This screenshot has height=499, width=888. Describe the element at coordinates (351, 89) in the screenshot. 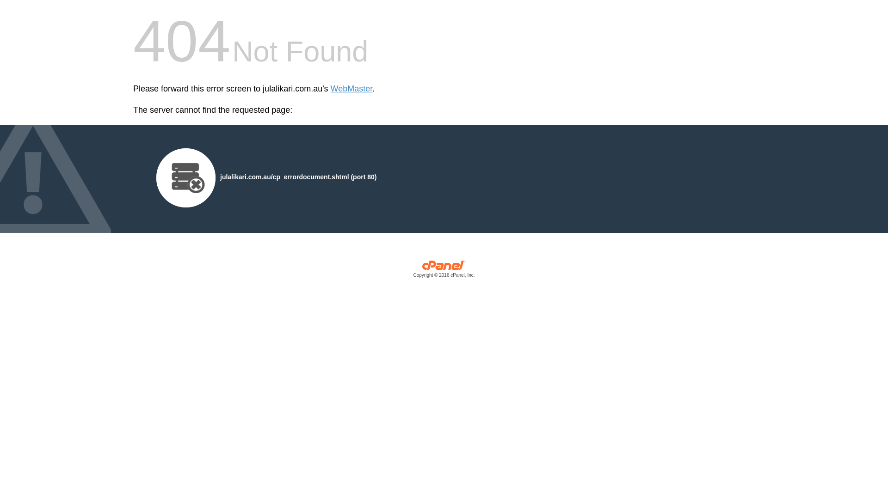

I see `'WebMaster'` at that location.